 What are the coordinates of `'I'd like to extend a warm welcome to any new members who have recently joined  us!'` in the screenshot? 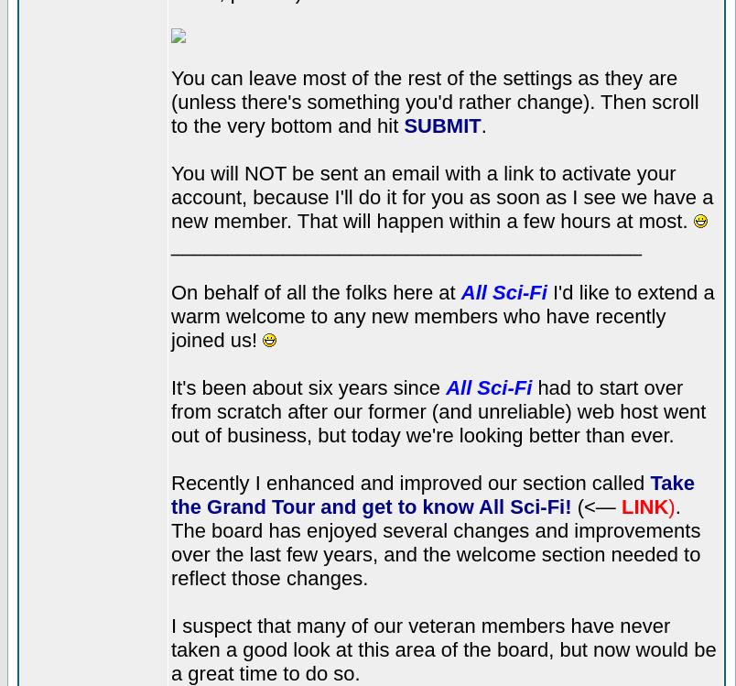 It's located at (441, 315).